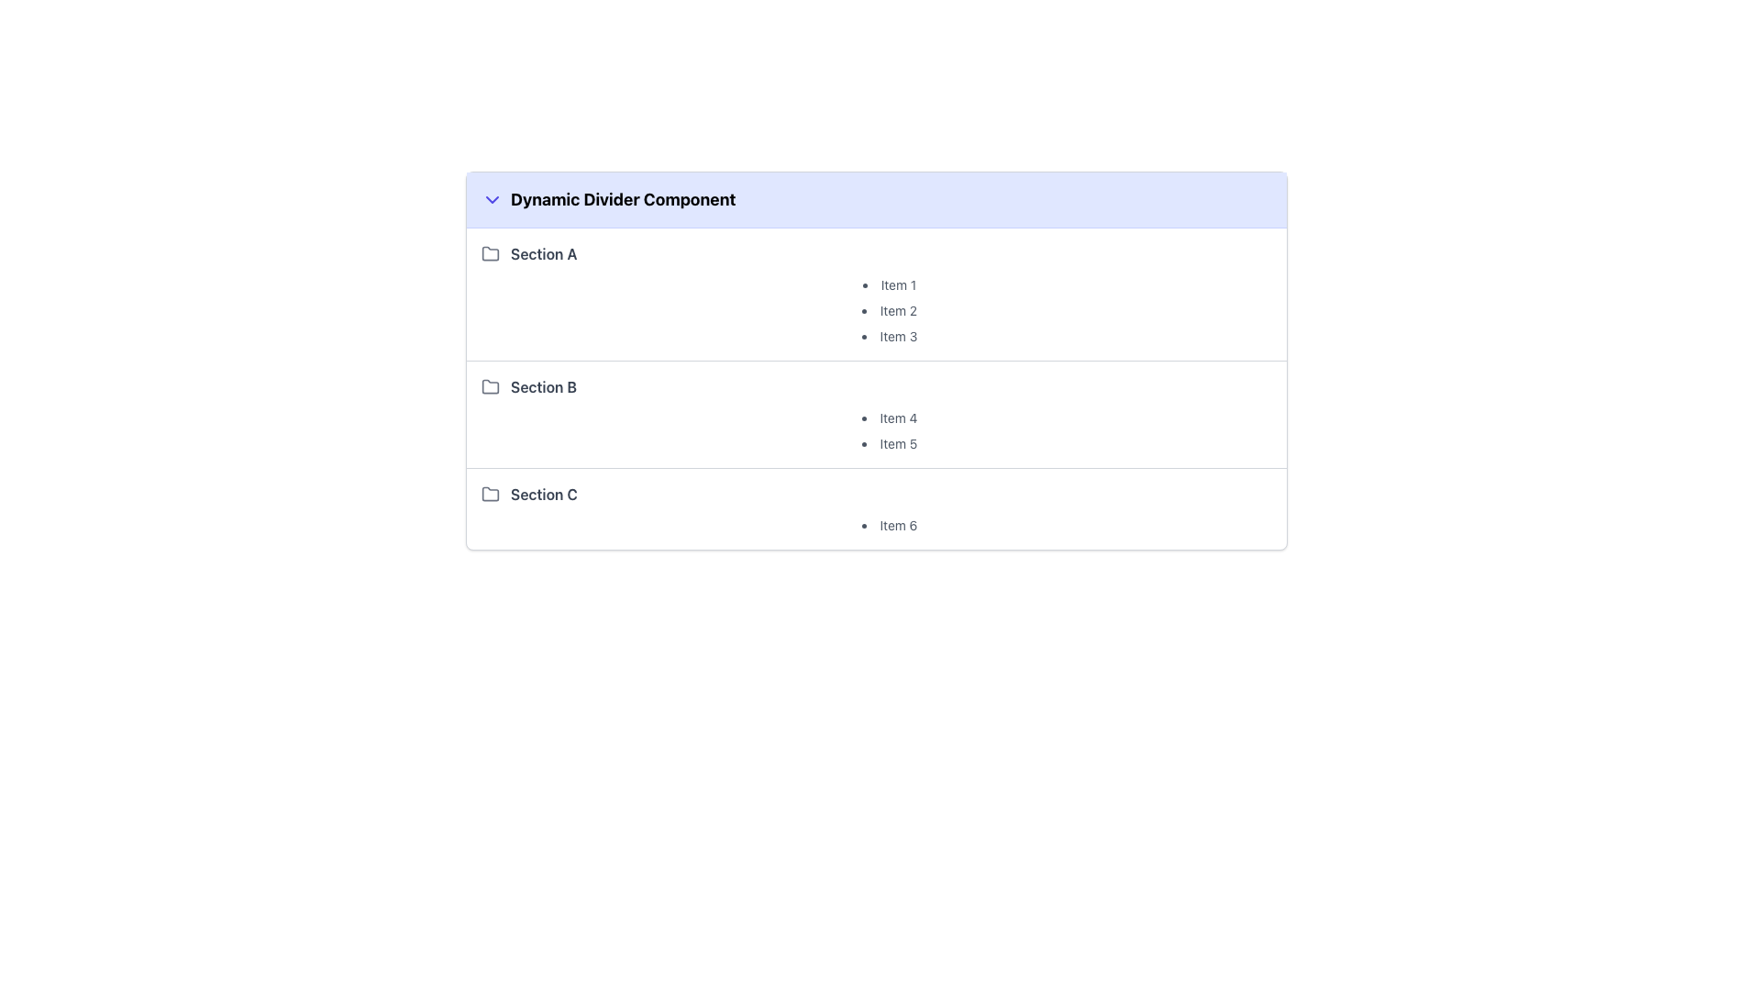 Image resolution: width=1761 pixels, height=991 pixels. Describe the element at coordinates (490, 492) in the screenshot. I see `the grayscale folder icon located next to the text 'Section C' in the third position of the structured list` at that location.